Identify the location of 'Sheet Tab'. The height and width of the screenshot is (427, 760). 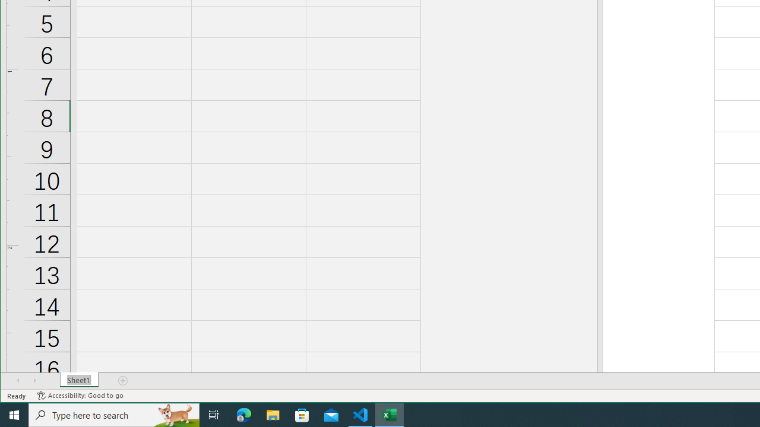
(78, 380).